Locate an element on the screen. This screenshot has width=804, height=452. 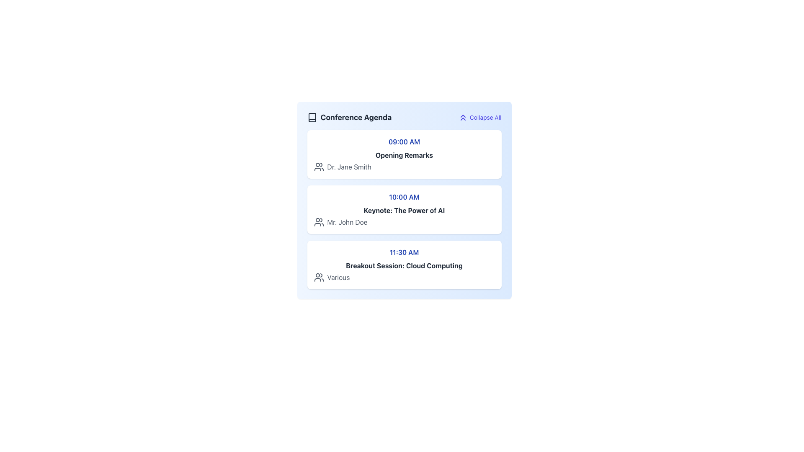
the text element indicating the title for the scheduled keynote session, which is positioned under the time label '10:00 AM' and above the name 'Mr. John Doe' is located at coordinates (404, 210).